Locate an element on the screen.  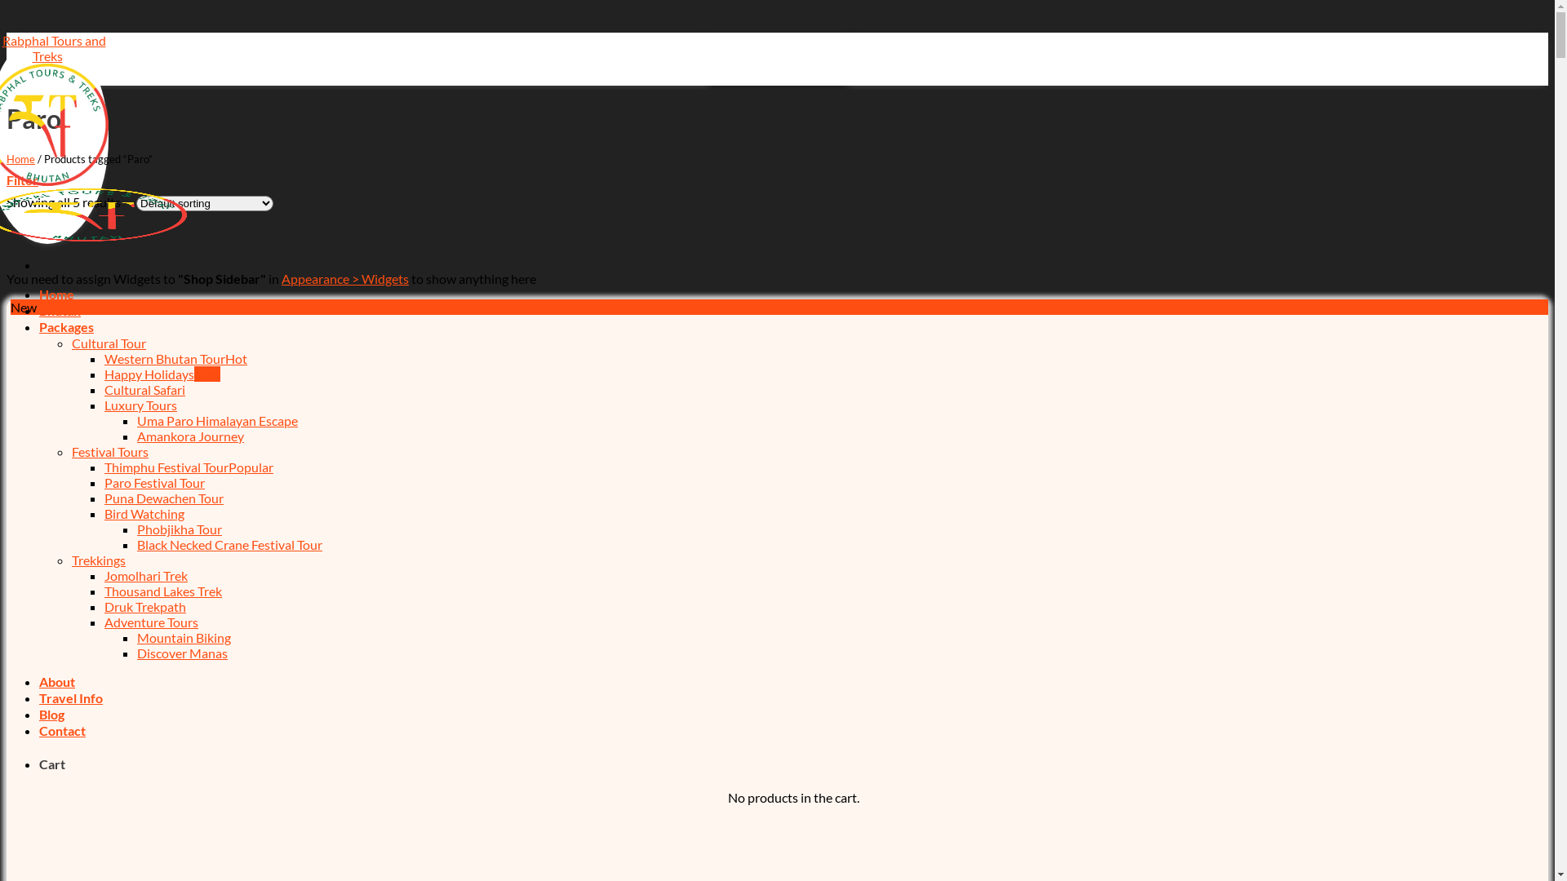
'Amankora Journey' is located at coordinates (137, 435).